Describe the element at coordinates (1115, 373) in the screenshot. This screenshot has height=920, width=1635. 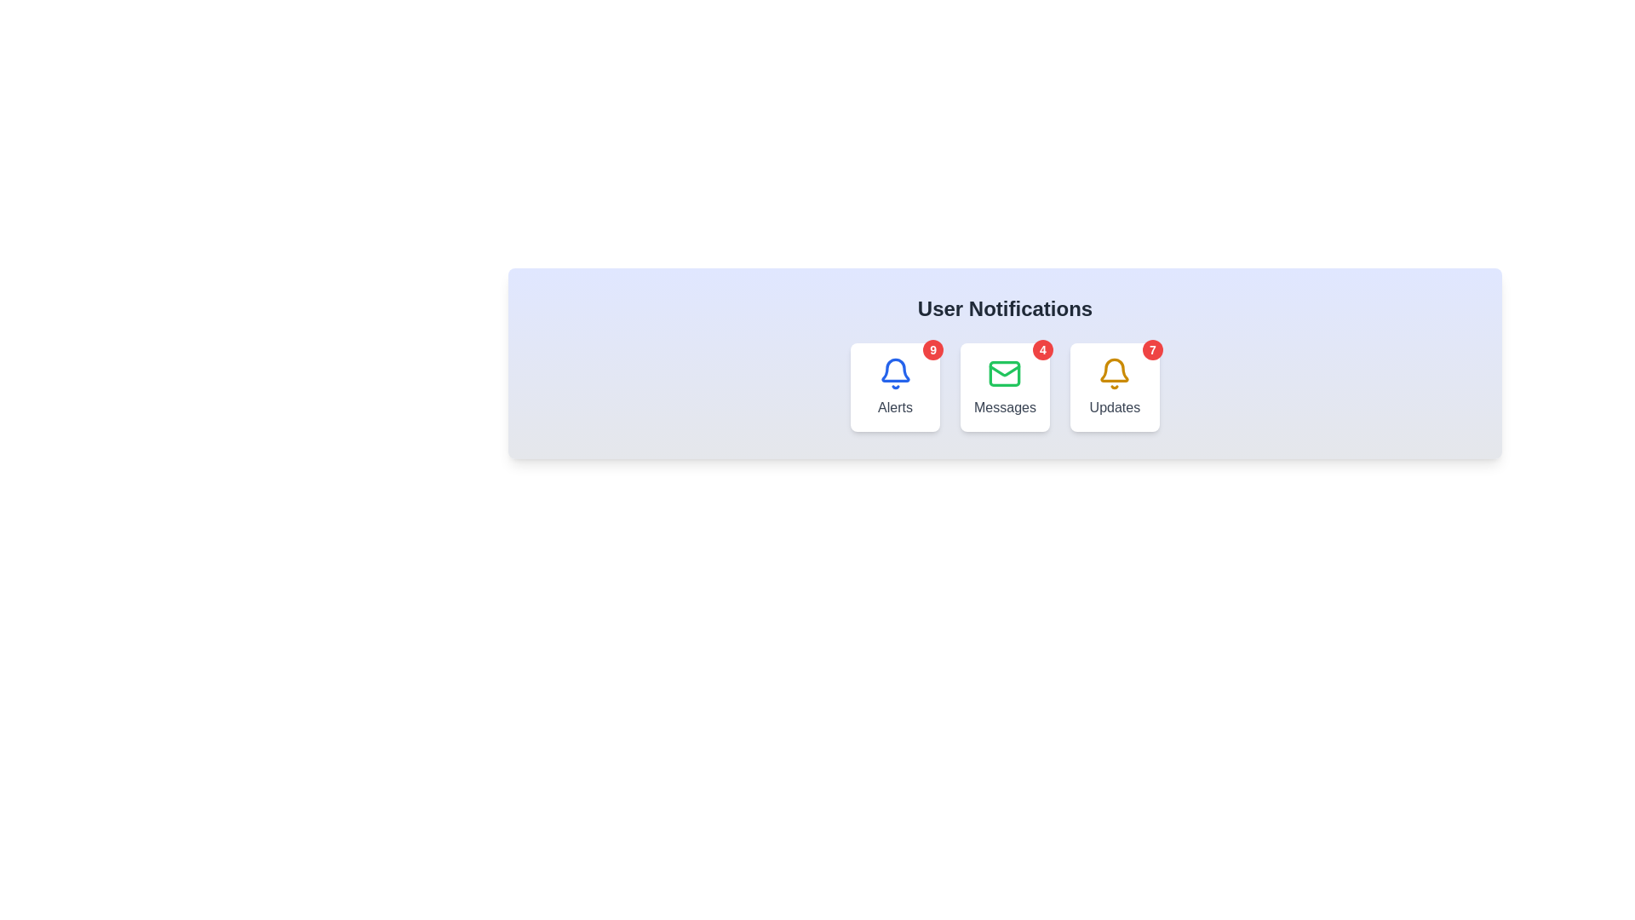
I see `the visual representation of the 'Updates' icon located in the third card of the 'User Notifications' section, positioned between the title 'Updates' and the red circular badge displaying the number '7'` at that location.